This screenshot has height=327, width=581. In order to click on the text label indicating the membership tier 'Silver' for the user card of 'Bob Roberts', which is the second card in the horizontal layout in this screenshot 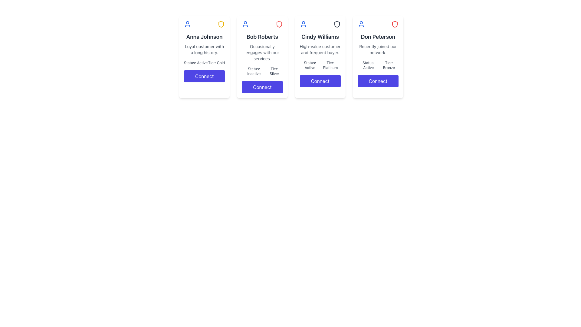, I will do `click(274, 71)`.